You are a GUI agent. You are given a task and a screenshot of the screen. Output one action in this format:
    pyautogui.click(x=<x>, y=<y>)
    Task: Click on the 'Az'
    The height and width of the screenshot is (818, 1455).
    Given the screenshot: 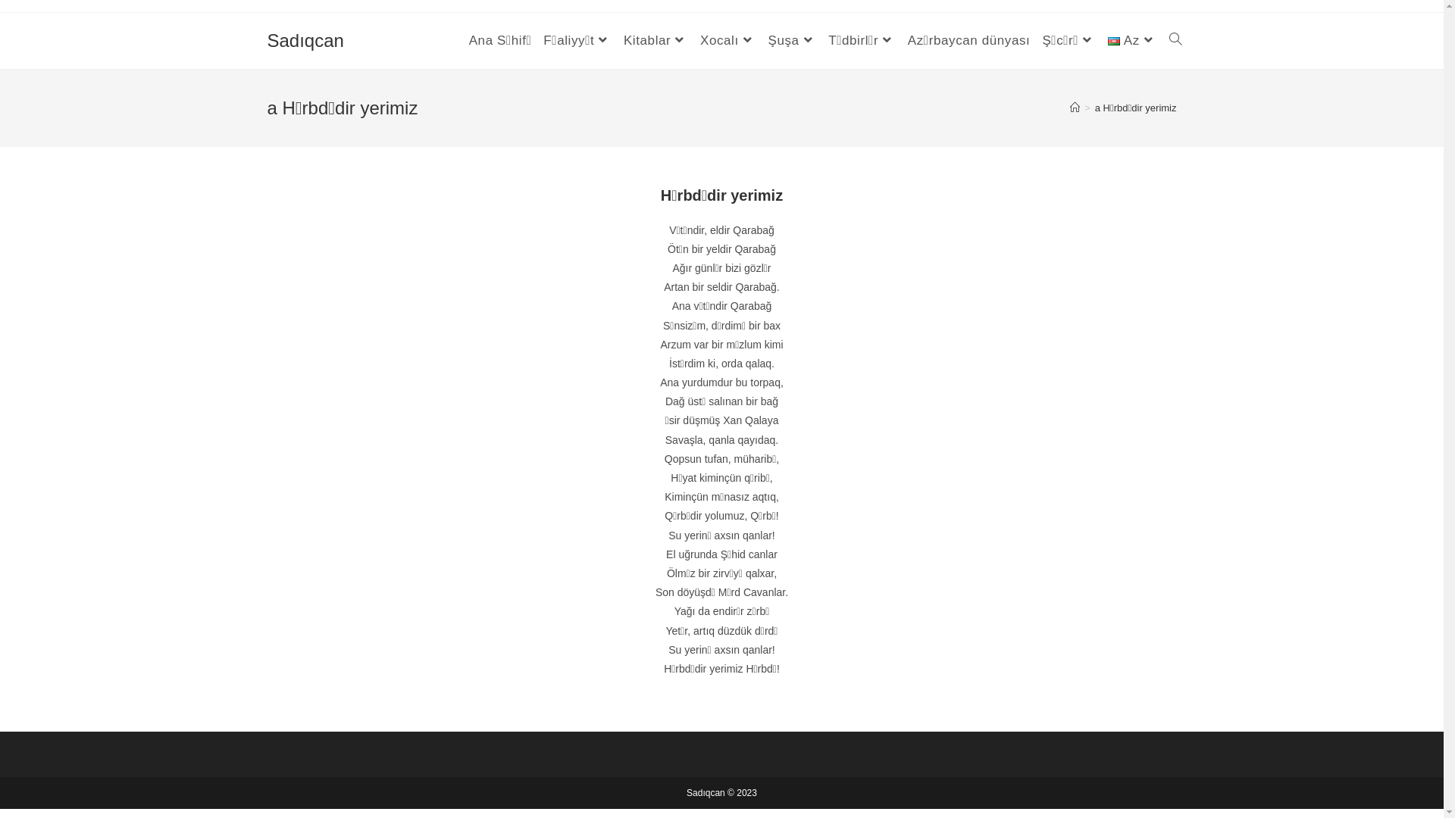 What is the action you would take?
    pyautogui.click(x=1132, y=40)
    